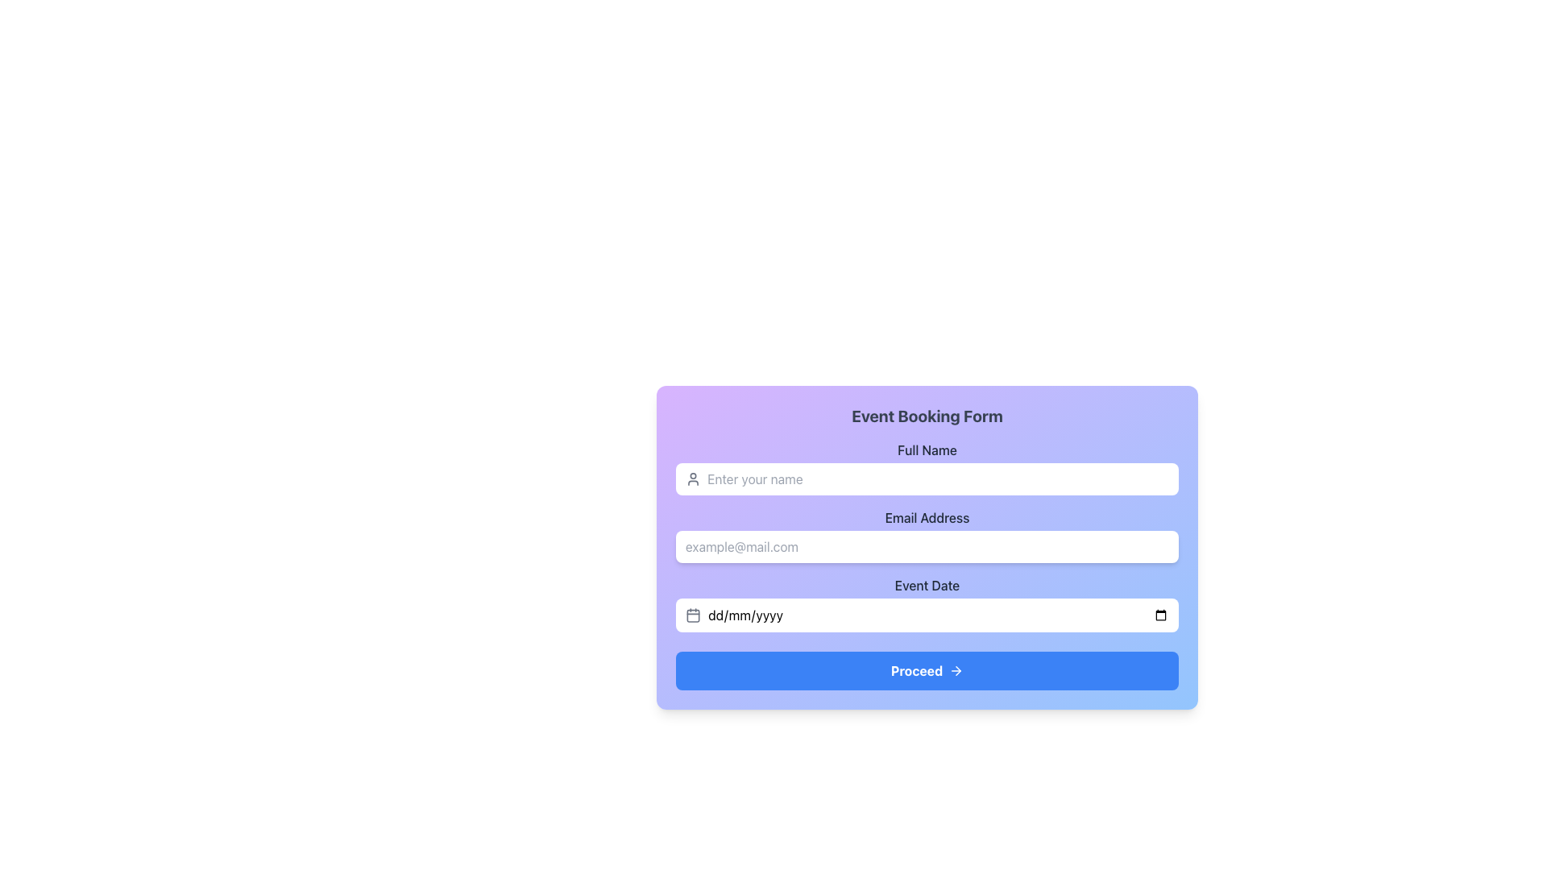  Describe the element at coordinates (927, 615) in the screenshot. I see `to activate the date picker in the 'Event Date' input field located below the 'Email Address' field and above the 'Proceed' button` at that location.